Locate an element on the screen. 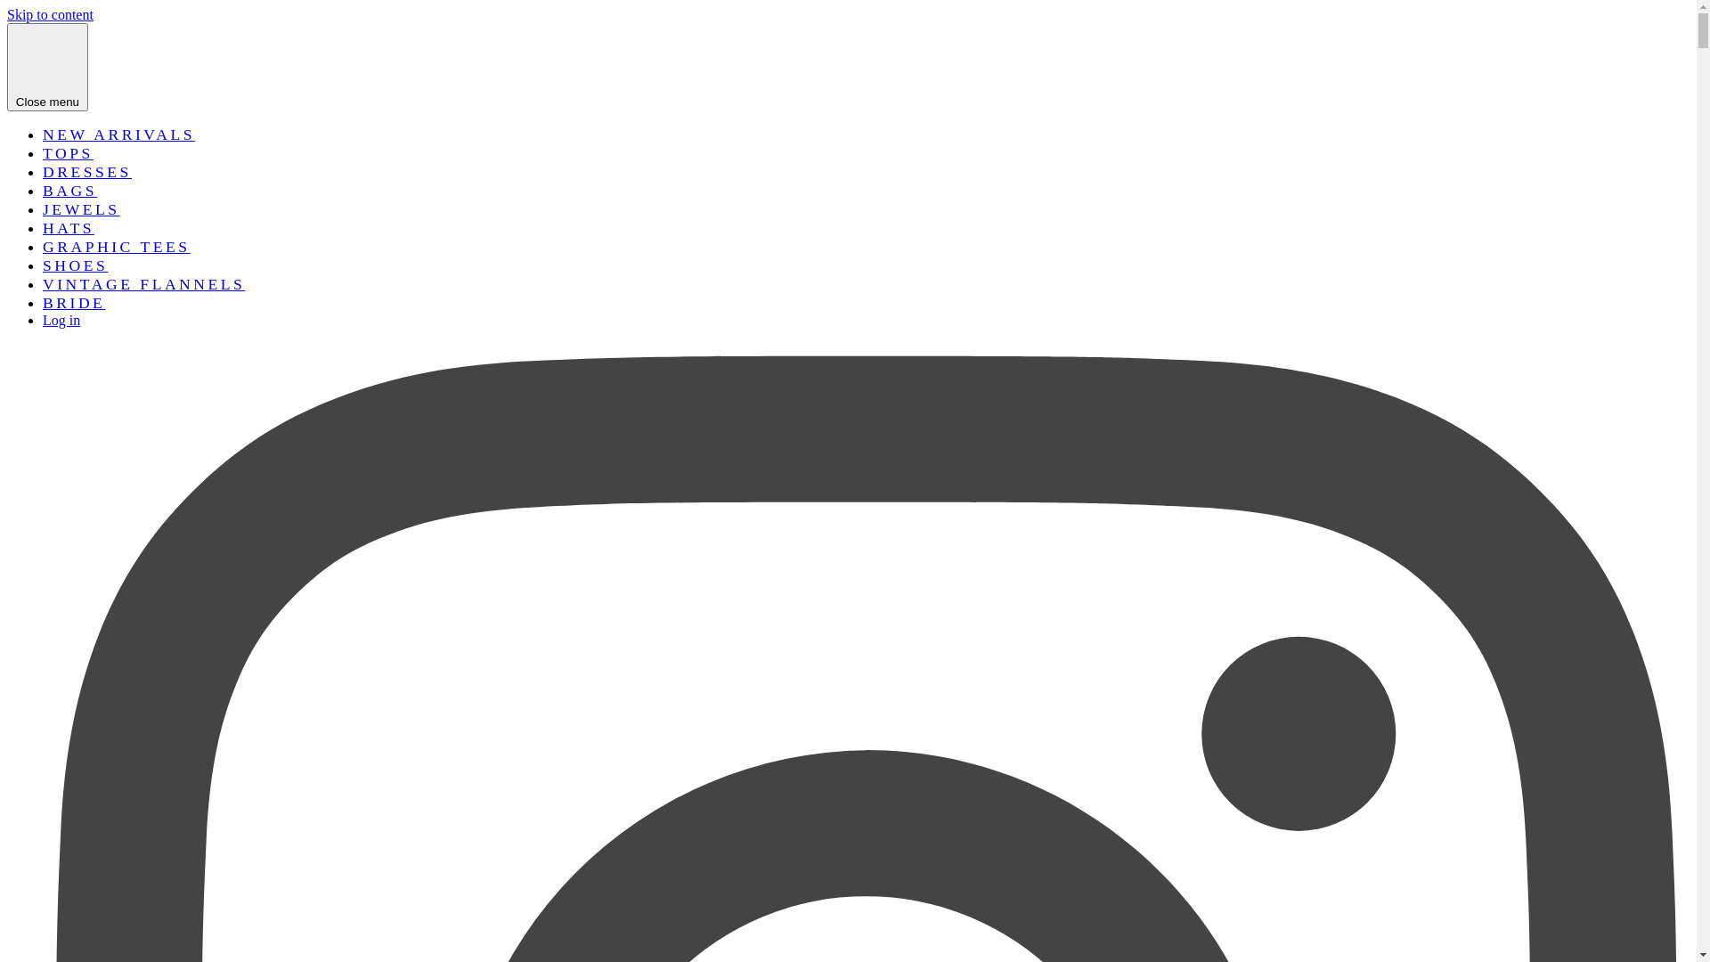 The height and width of the screenshot is (962, 1710). 'Skip to content' is located at coordinates (50, 14).